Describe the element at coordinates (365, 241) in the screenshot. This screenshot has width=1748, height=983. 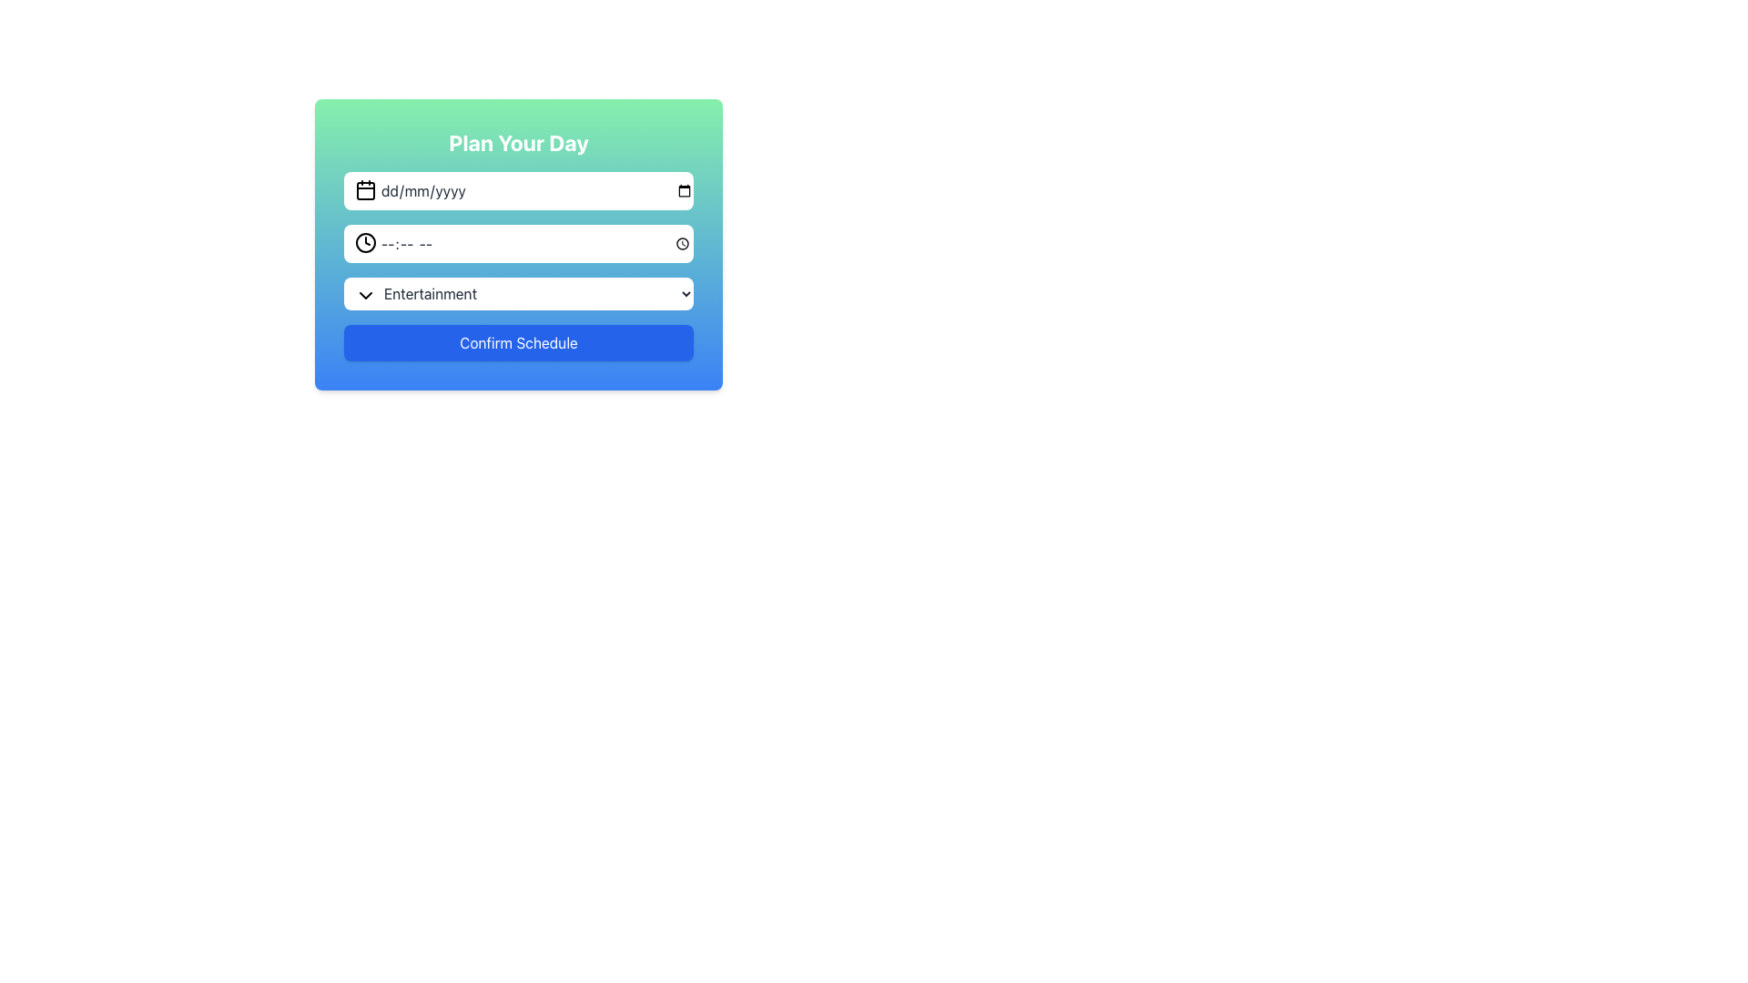
I see `the outer border of the clock icon, which is represented as an SVG circle within the input field titled 'Plan Your Day'` at that location.